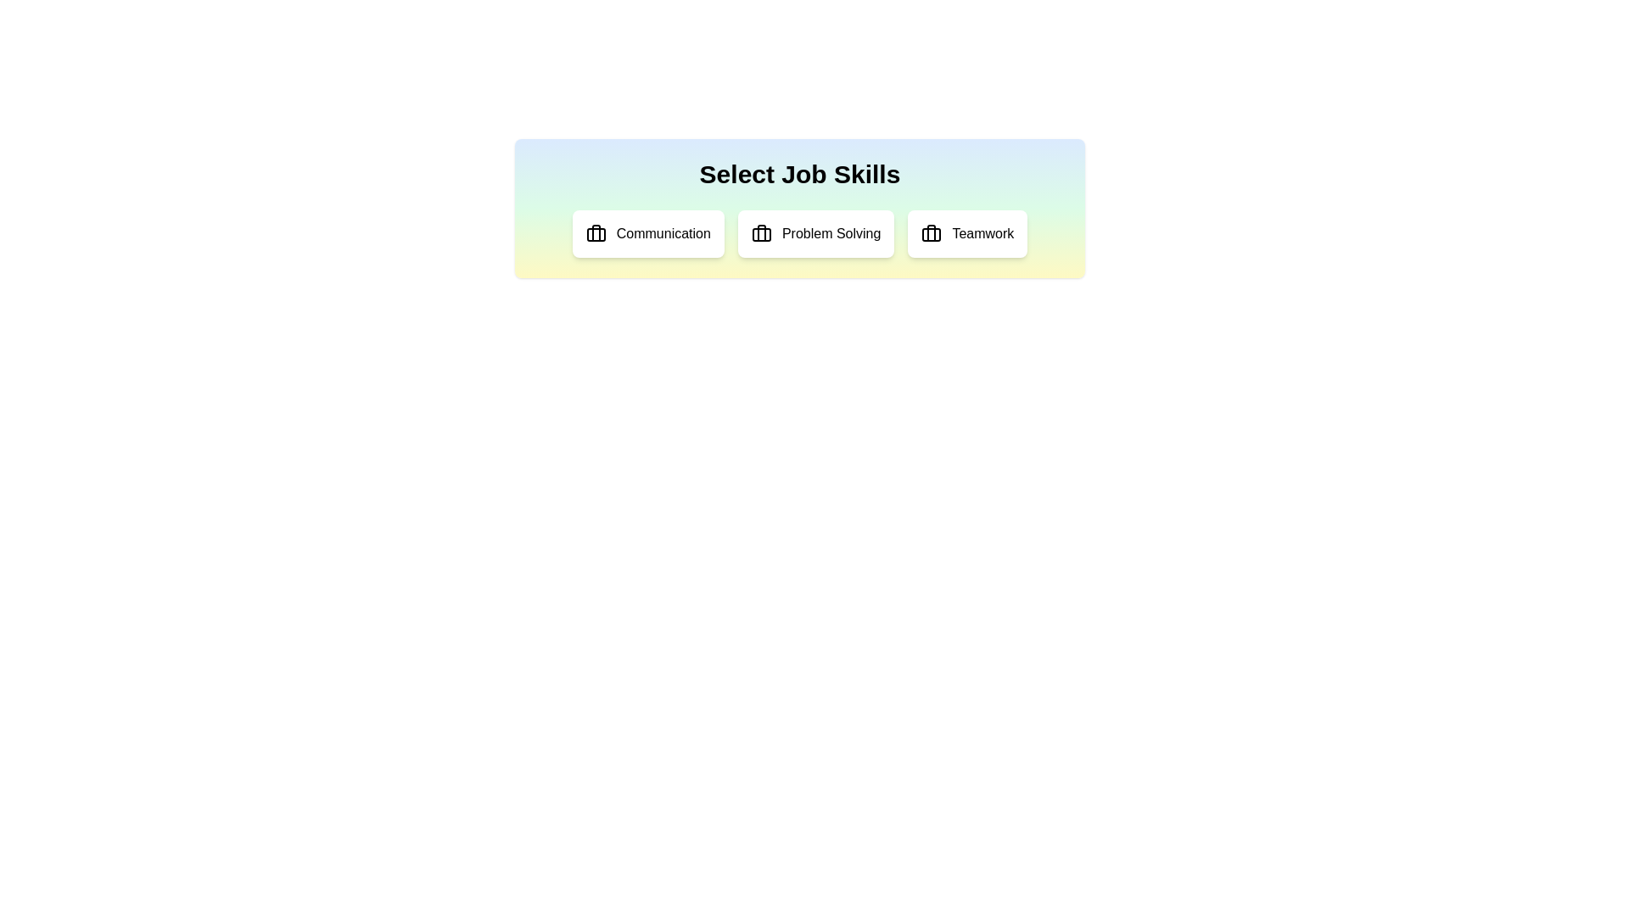 The image size is (1629, 916). What do you see at coordinates (647, 234) in the screenshot?
I see `the skill card labeled 'Communication' to select or deselect it` at bounding box center [647, 234].